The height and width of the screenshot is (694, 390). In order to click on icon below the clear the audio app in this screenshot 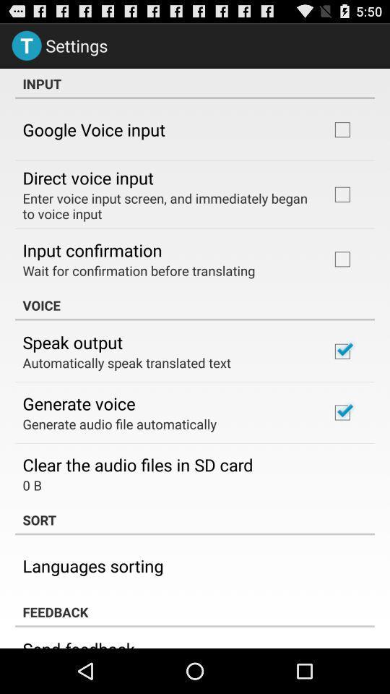, I will do `click(32, 485)`.